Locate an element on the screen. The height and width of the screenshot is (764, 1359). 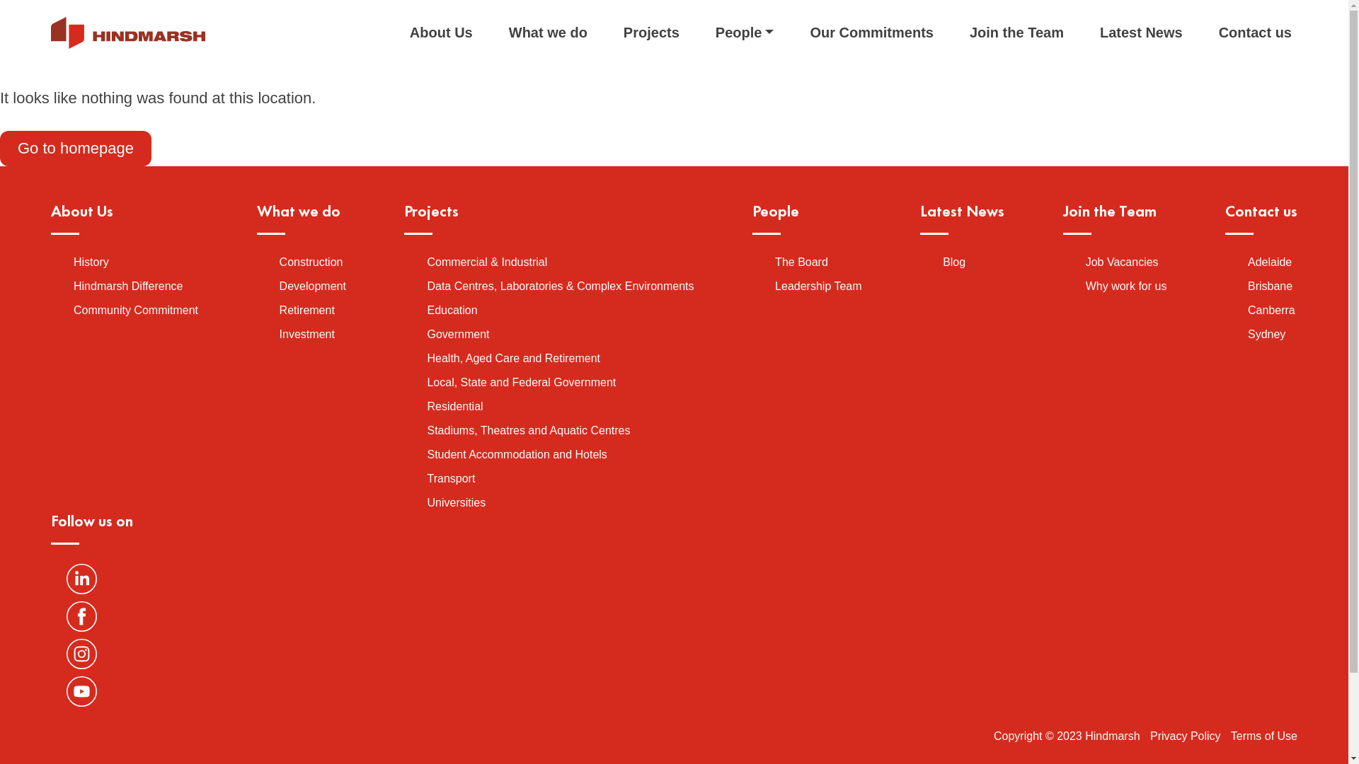
'Join the Team' is located at coordinates (963, 32).